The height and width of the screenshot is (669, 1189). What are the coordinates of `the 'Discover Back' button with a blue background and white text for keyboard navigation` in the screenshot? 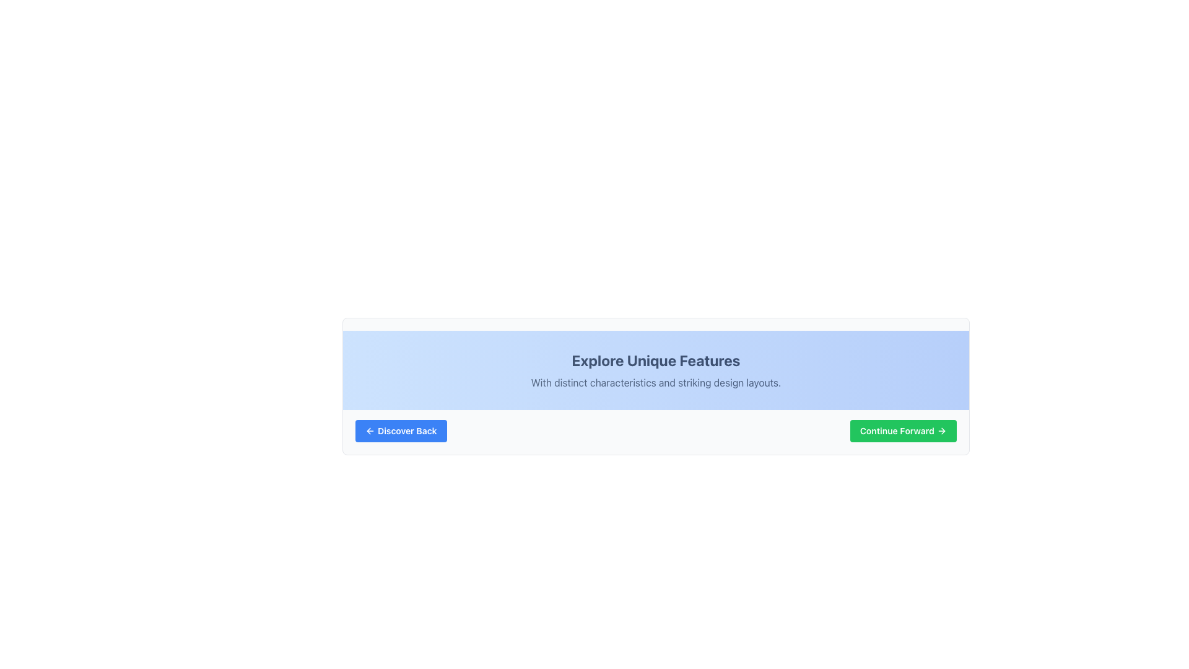 It's located at (401, 430).